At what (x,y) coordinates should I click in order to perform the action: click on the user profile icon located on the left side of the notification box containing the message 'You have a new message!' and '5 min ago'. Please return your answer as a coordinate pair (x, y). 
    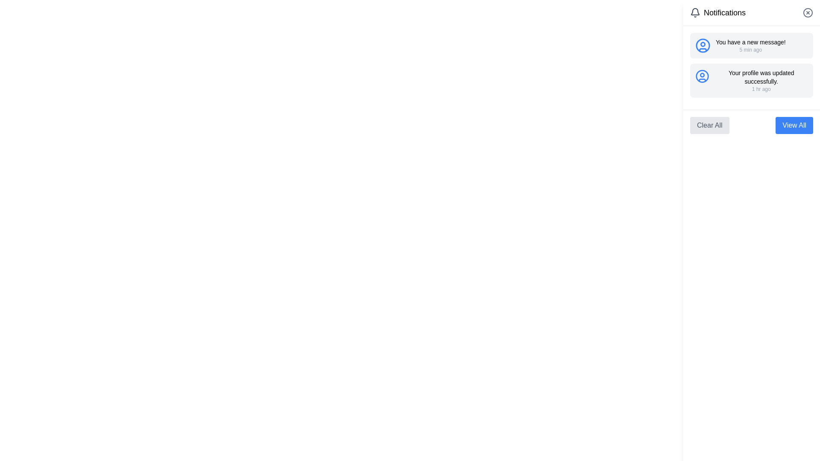
    Looking at the image, I should click on (703, 46).